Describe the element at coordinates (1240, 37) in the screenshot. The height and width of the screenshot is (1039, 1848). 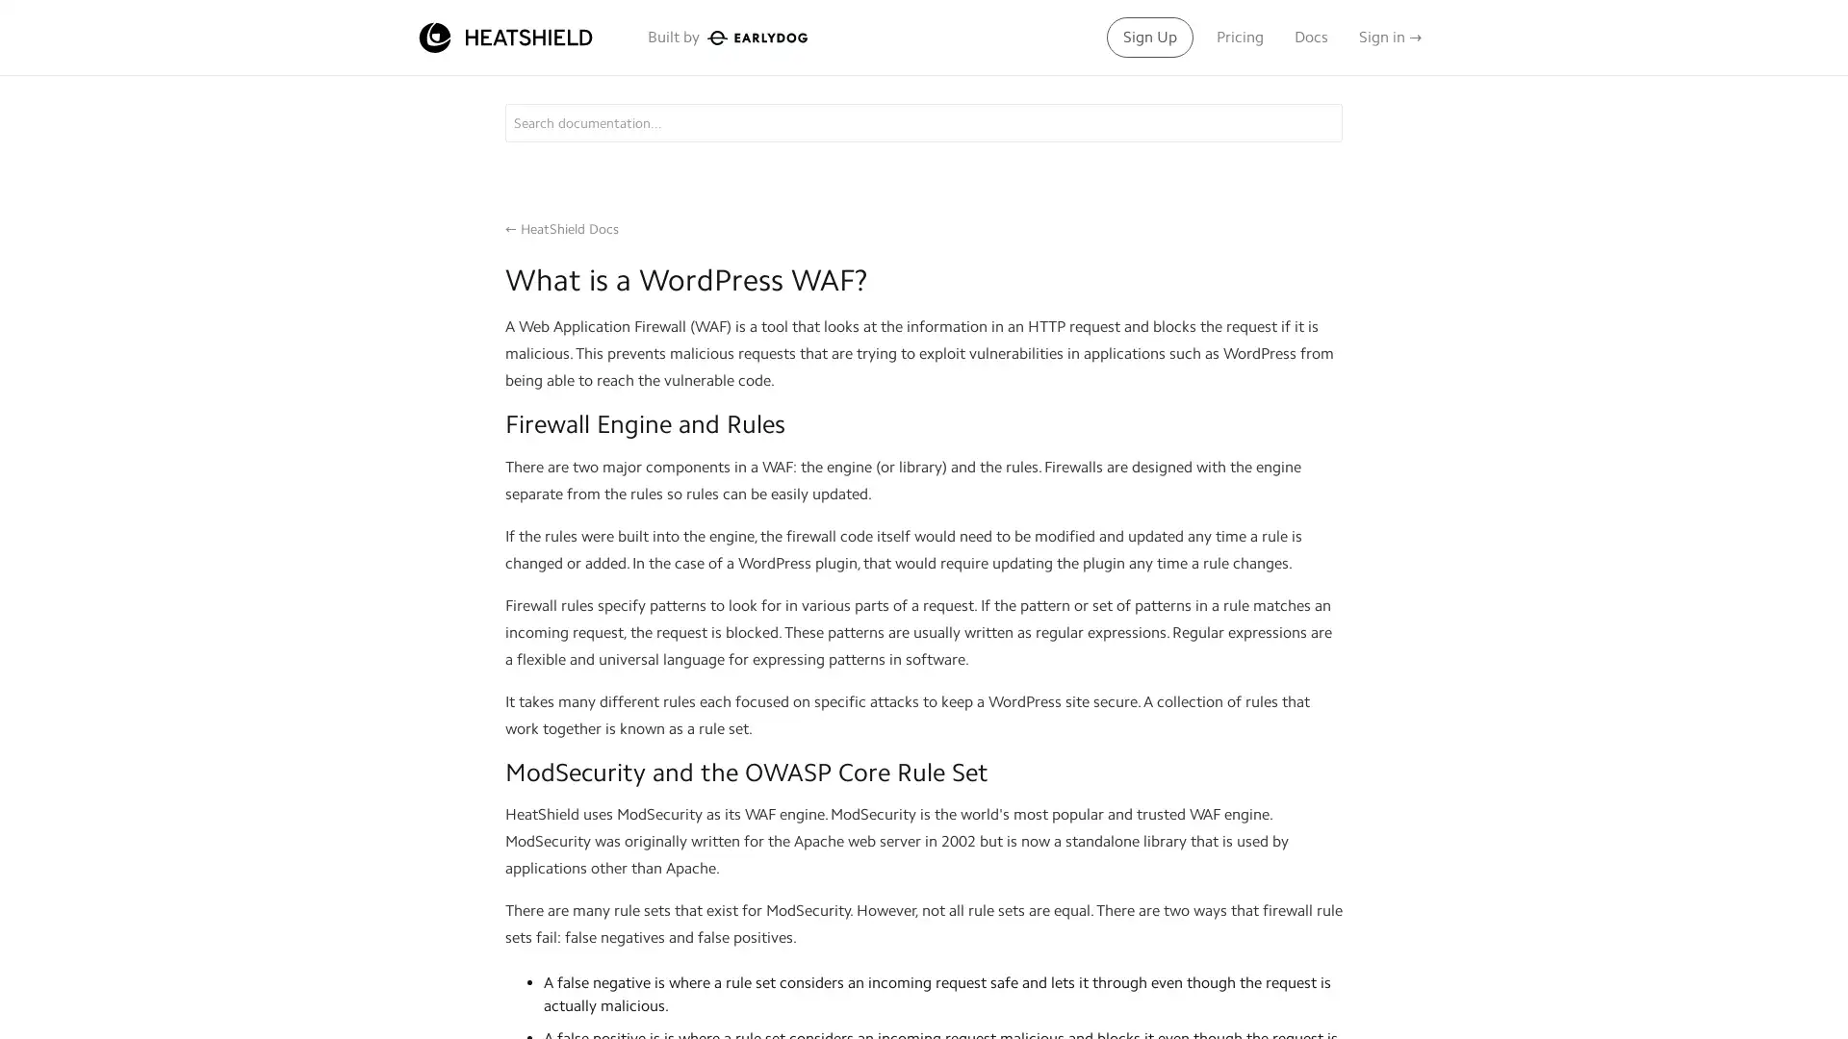
I see `Pricing` at that location.